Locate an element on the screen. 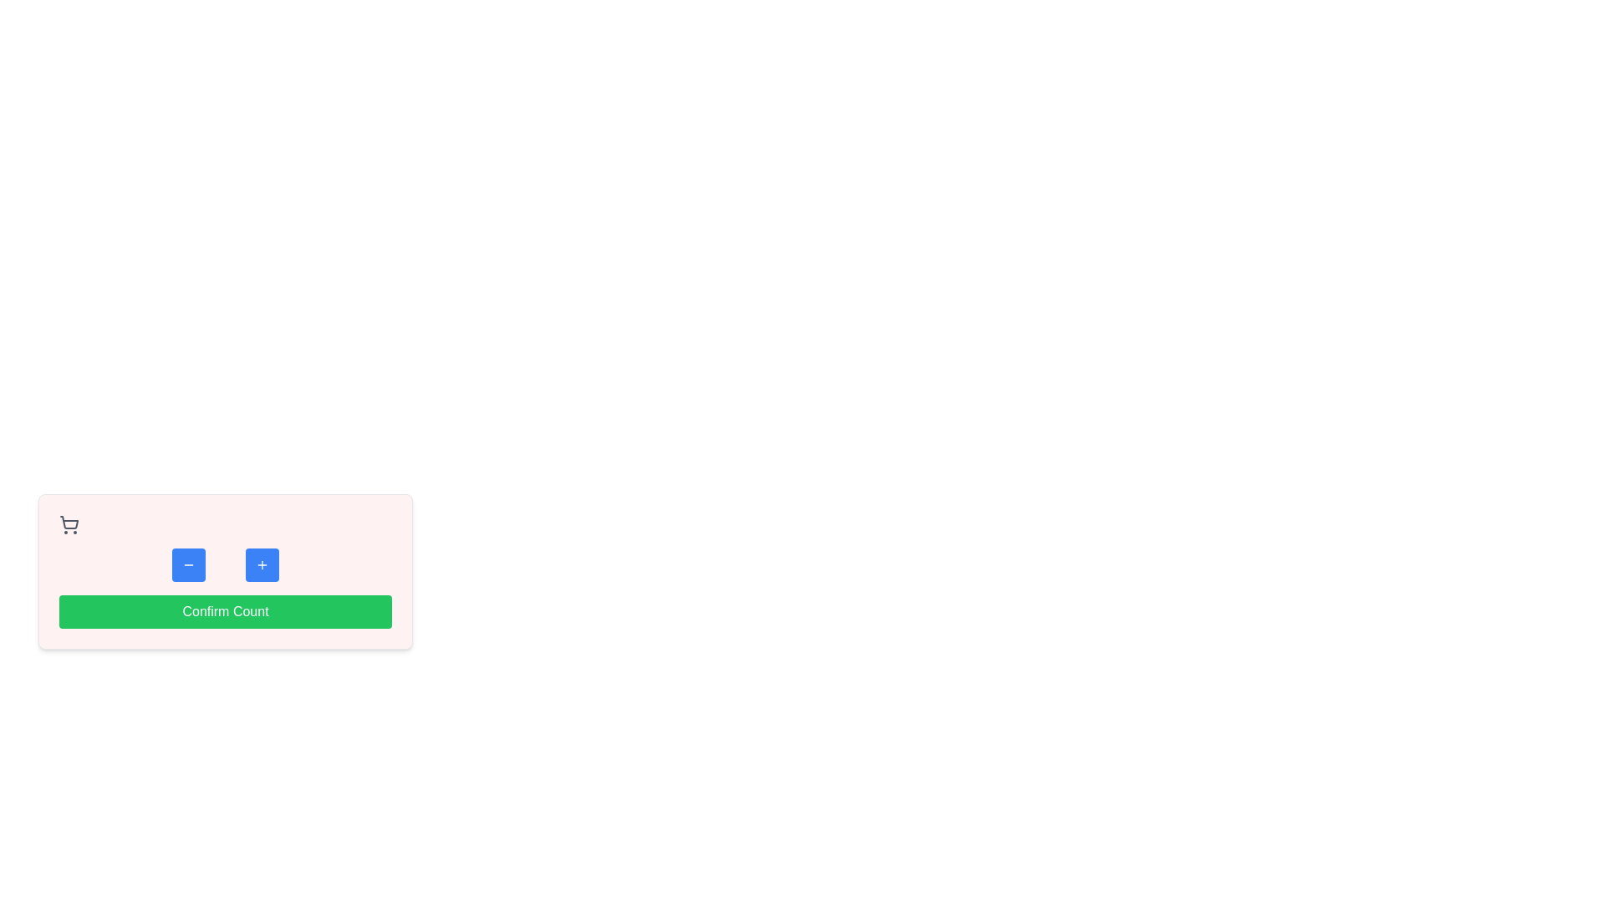  the decrement button, which is the first button in a row of two, located to the left of a plus button is located at coordinates (188, 564).